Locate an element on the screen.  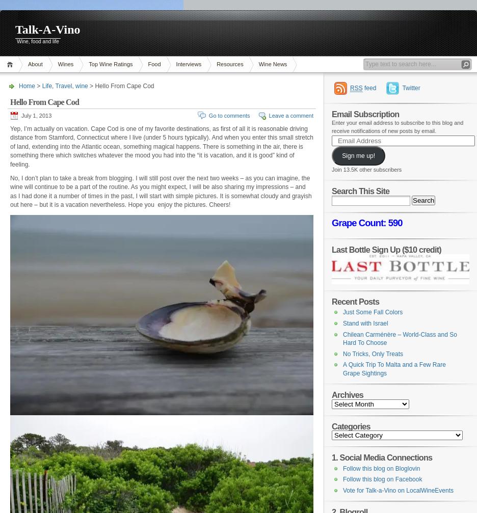
'Yep, I’m actually on vacation. Cape Cod is one of my favorite destinations, as first of all it is reasonable driving distance from Stamford, Connecticut where I live (under 5 hours typically). And when you enter this small stretch of land, extending into the Atlantic ocean, something magical happens. There is something in the air, there is something there which switches whatever the mood you had into the “it is vacation, and it is good” kind of feeling.' is located at coordinates (10, 146).